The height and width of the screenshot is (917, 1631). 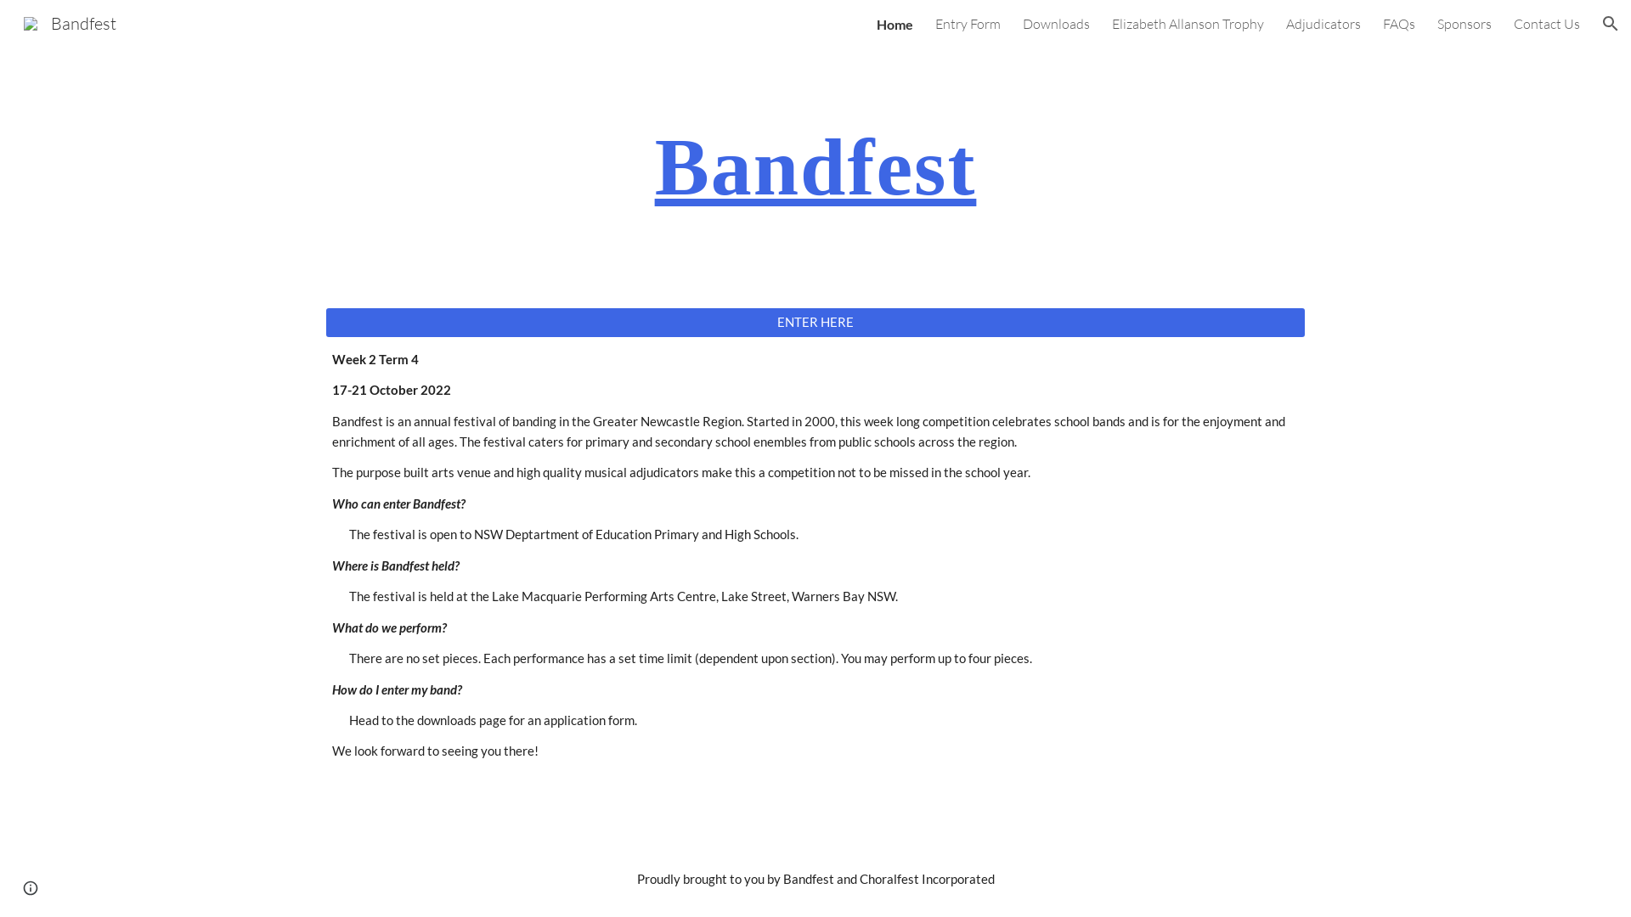 What do you see at coordinates (1187, 23) in the screenshot?
I see `'Elizabeth Allanson Trophy'` at bounding box center [1187, 23].